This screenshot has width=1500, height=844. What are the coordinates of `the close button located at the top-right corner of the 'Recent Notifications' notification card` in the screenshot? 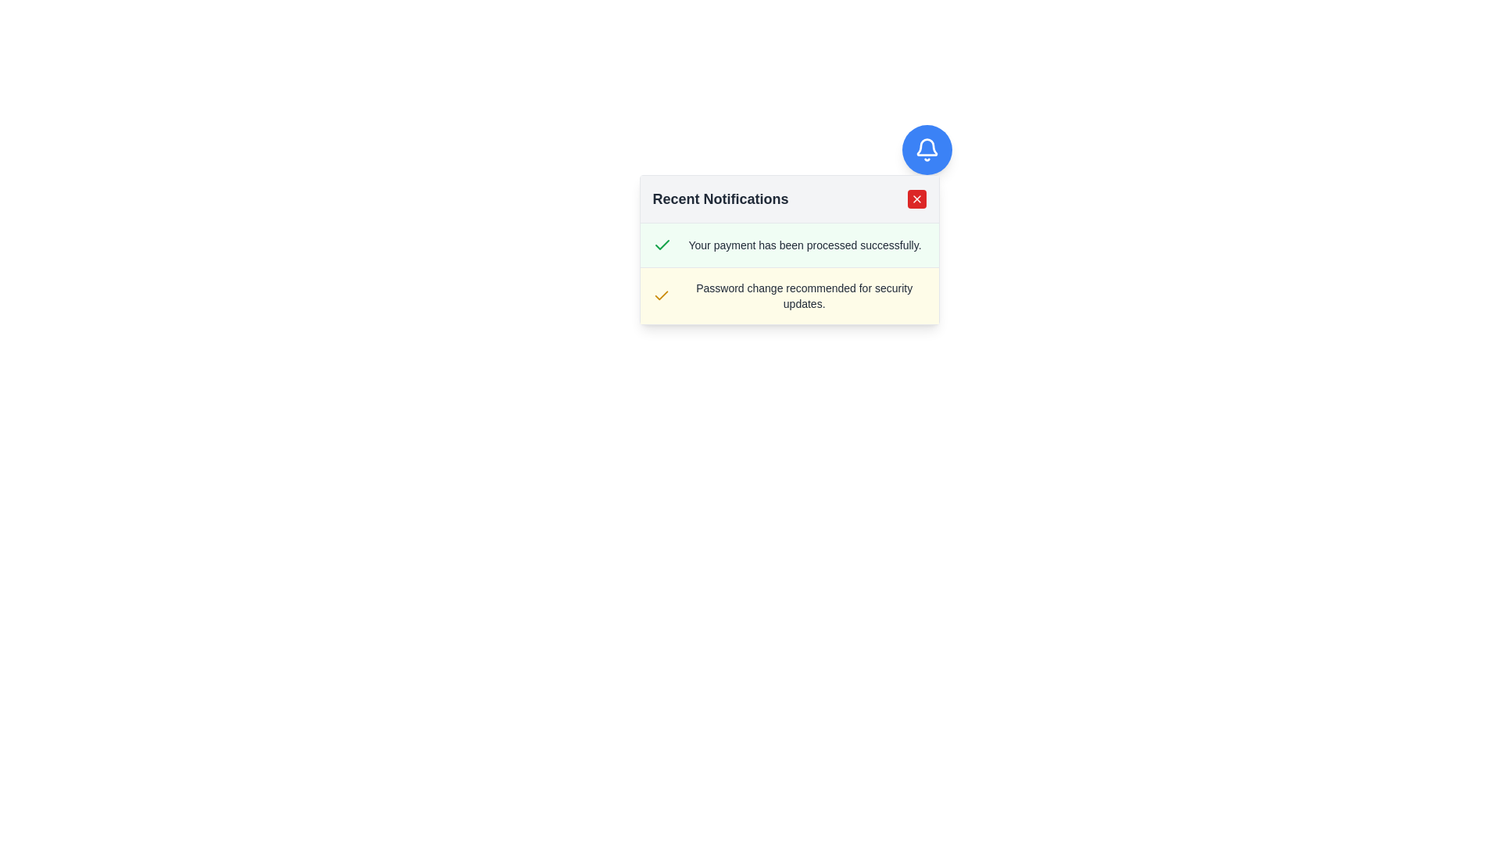 It's located at (916, 198).